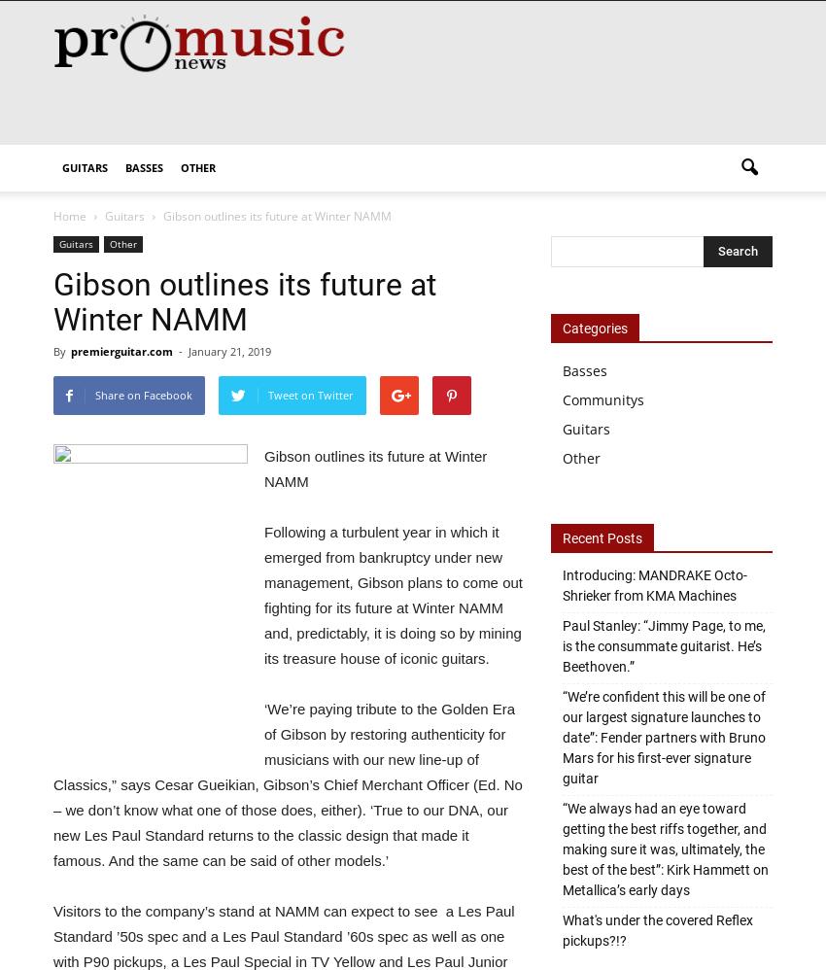 The image size is (826, 970). I want to click on 'Search', so click(394, 78).